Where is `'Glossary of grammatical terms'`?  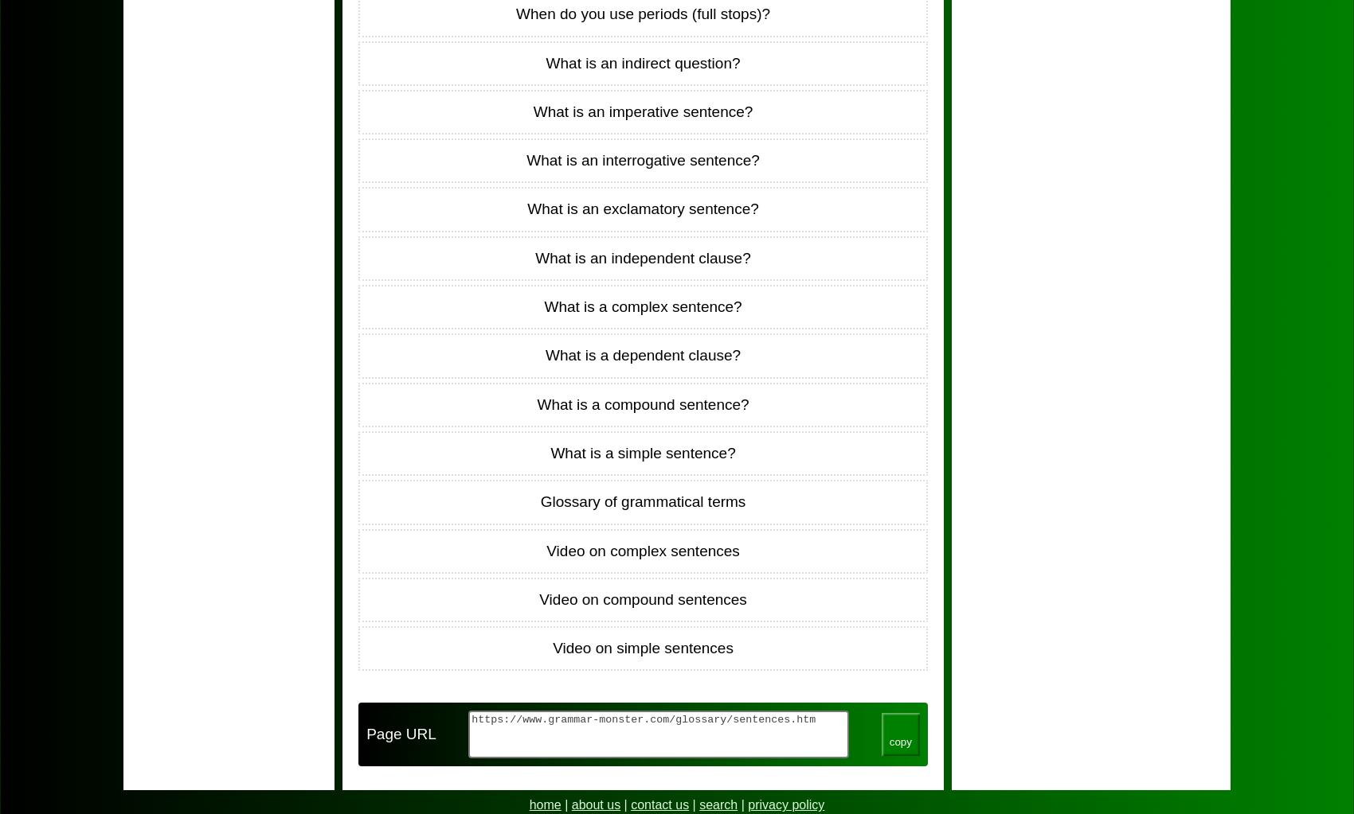 'Glossary of grammatical terms' is located at coordinates (641, 501).